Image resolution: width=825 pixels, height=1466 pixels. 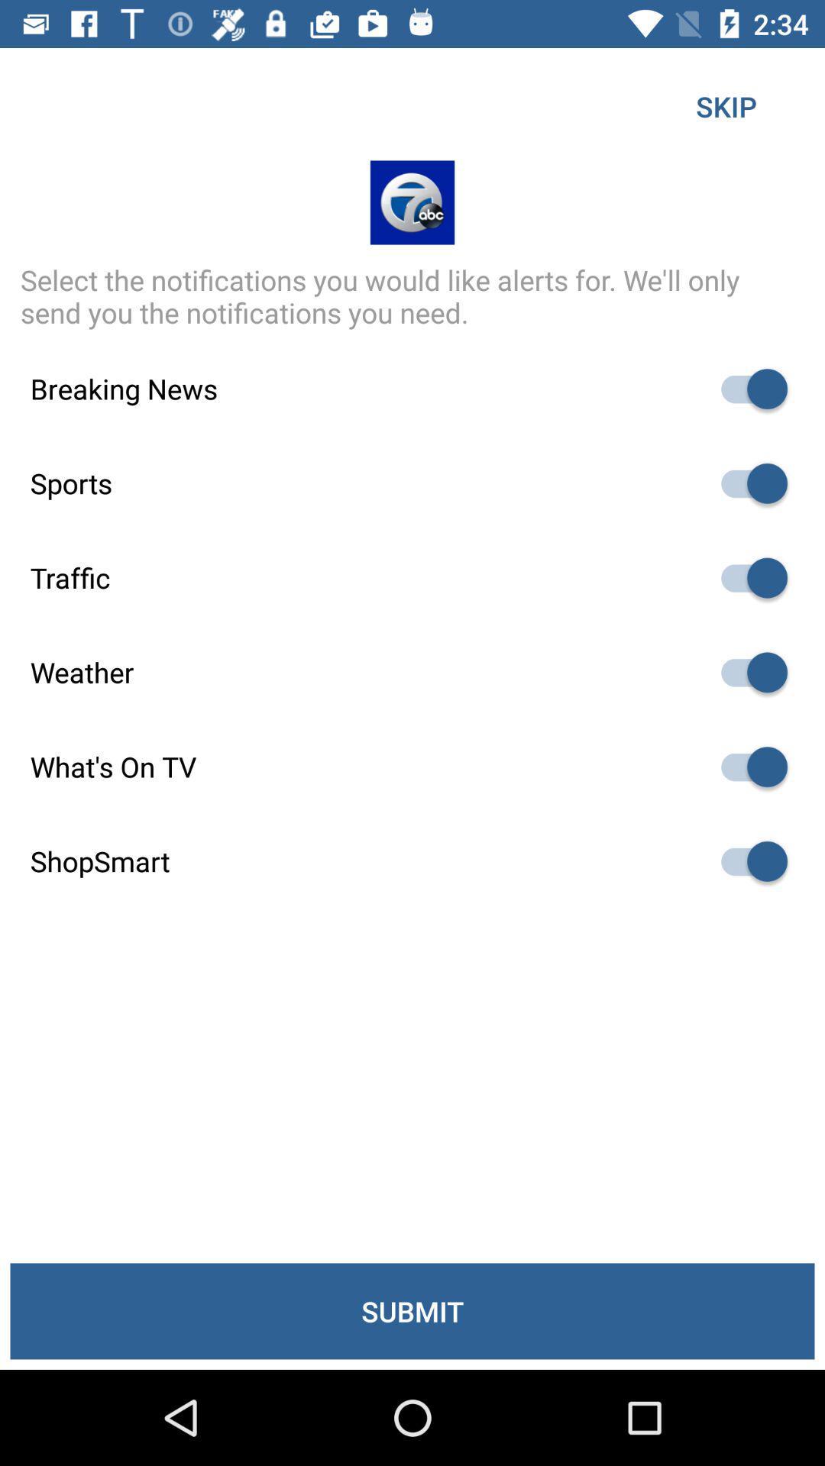 I want to click on switch on shopsmart notification, so click(x=746, y=861).